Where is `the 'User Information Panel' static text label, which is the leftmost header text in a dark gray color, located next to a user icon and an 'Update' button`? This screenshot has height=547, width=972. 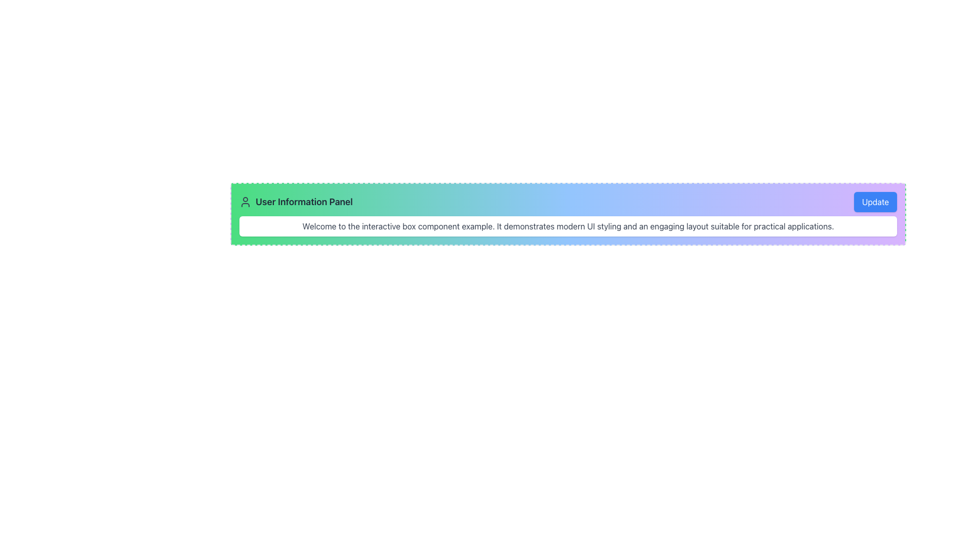
the 'User Information Panel' static text label, which is the leftmost header text in a dark gray color, located next to a user icon and an 'Update' button is located at coordinates (295, 202).